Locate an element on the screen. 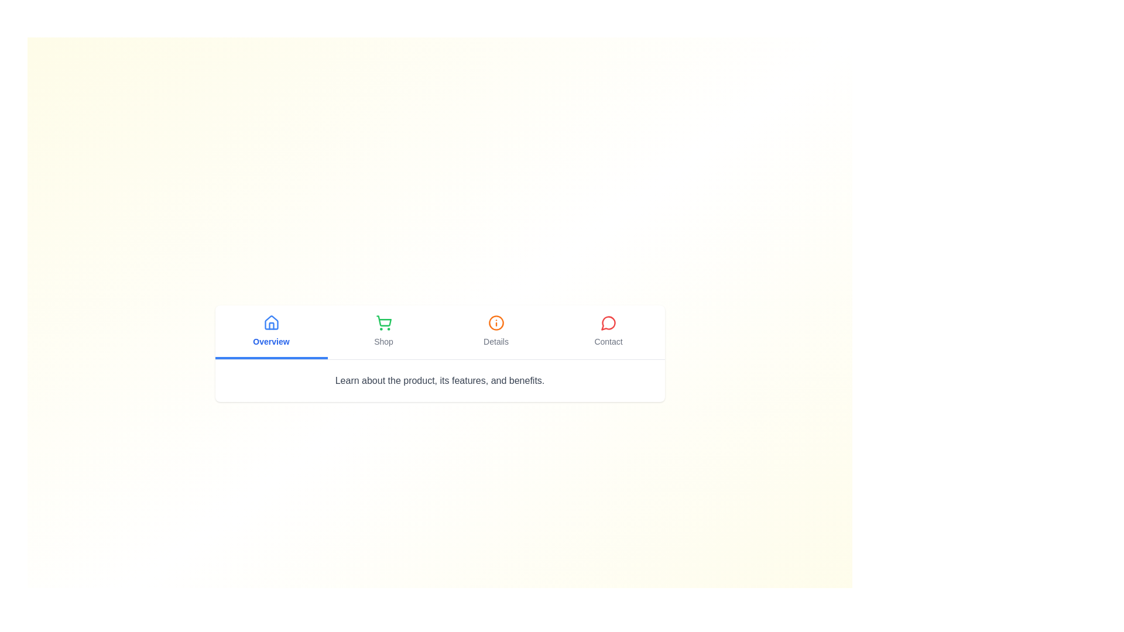 The width and height of the screenshot is (1124, 632). the Overview tab to switch to its content is located at coordinates (270, 332).